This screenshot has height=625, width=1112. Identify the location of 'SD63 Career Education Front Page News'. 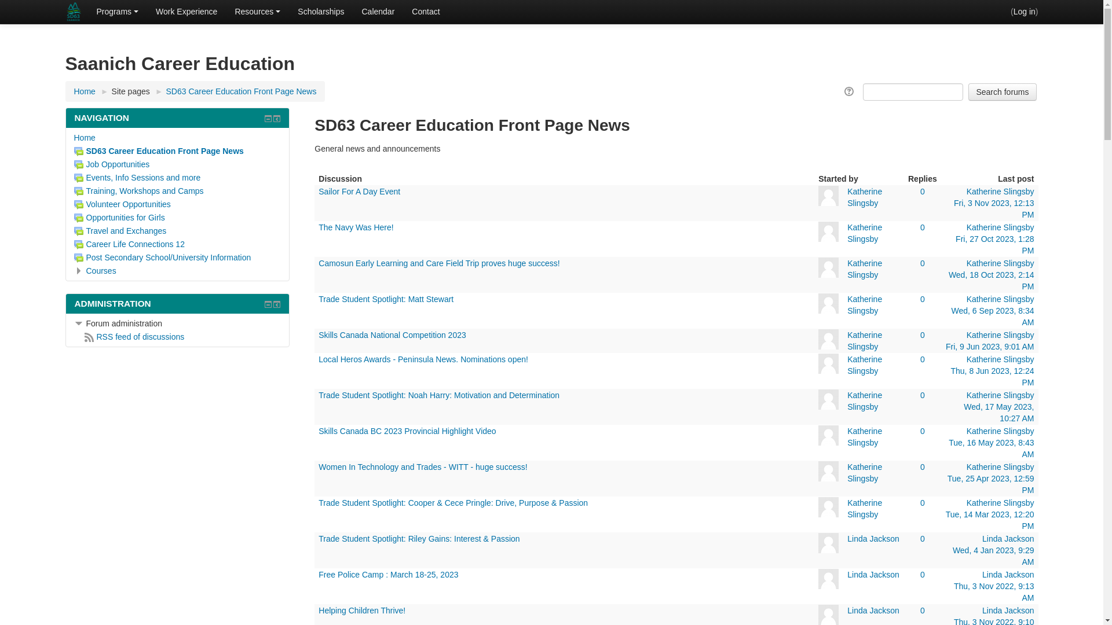
(158, 150).